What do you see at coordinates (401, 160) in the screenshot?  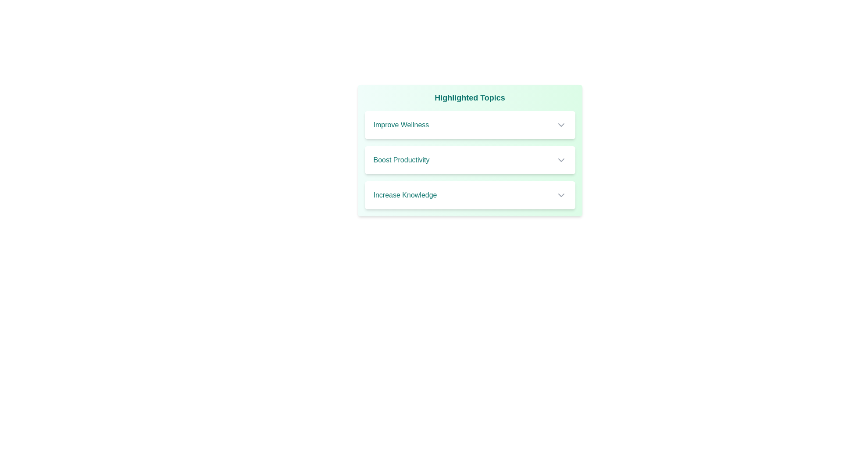 I see `the 'Boost Productivity' text label, which is styled in teal and positioned next to a collapsible arrow icon in the 'Highlighted Topics' panel` at bounding box center [401, 160].